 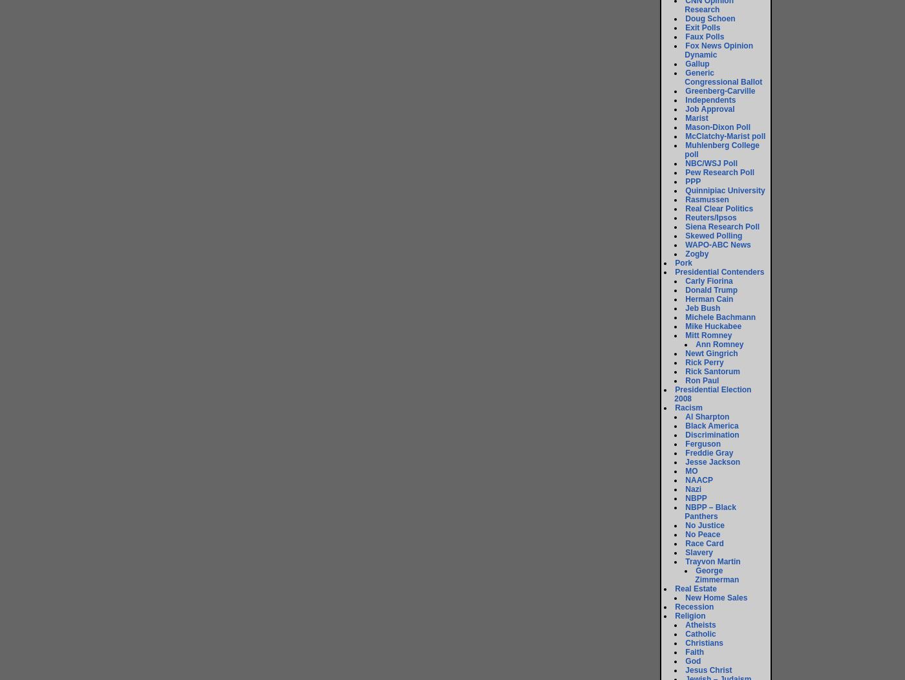 I want to click on 'NBC/WSJ Poll', so click(x=685, y=163).